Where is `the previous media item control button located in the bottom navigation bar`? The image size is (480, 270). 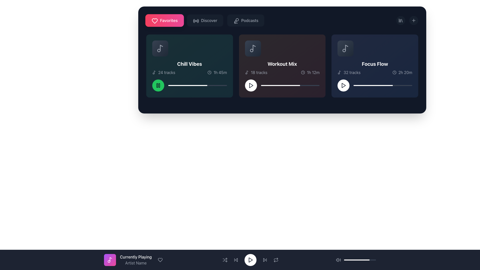
the previous media item control button located in the bottom navigation bar is located at coordinates (236, 260).